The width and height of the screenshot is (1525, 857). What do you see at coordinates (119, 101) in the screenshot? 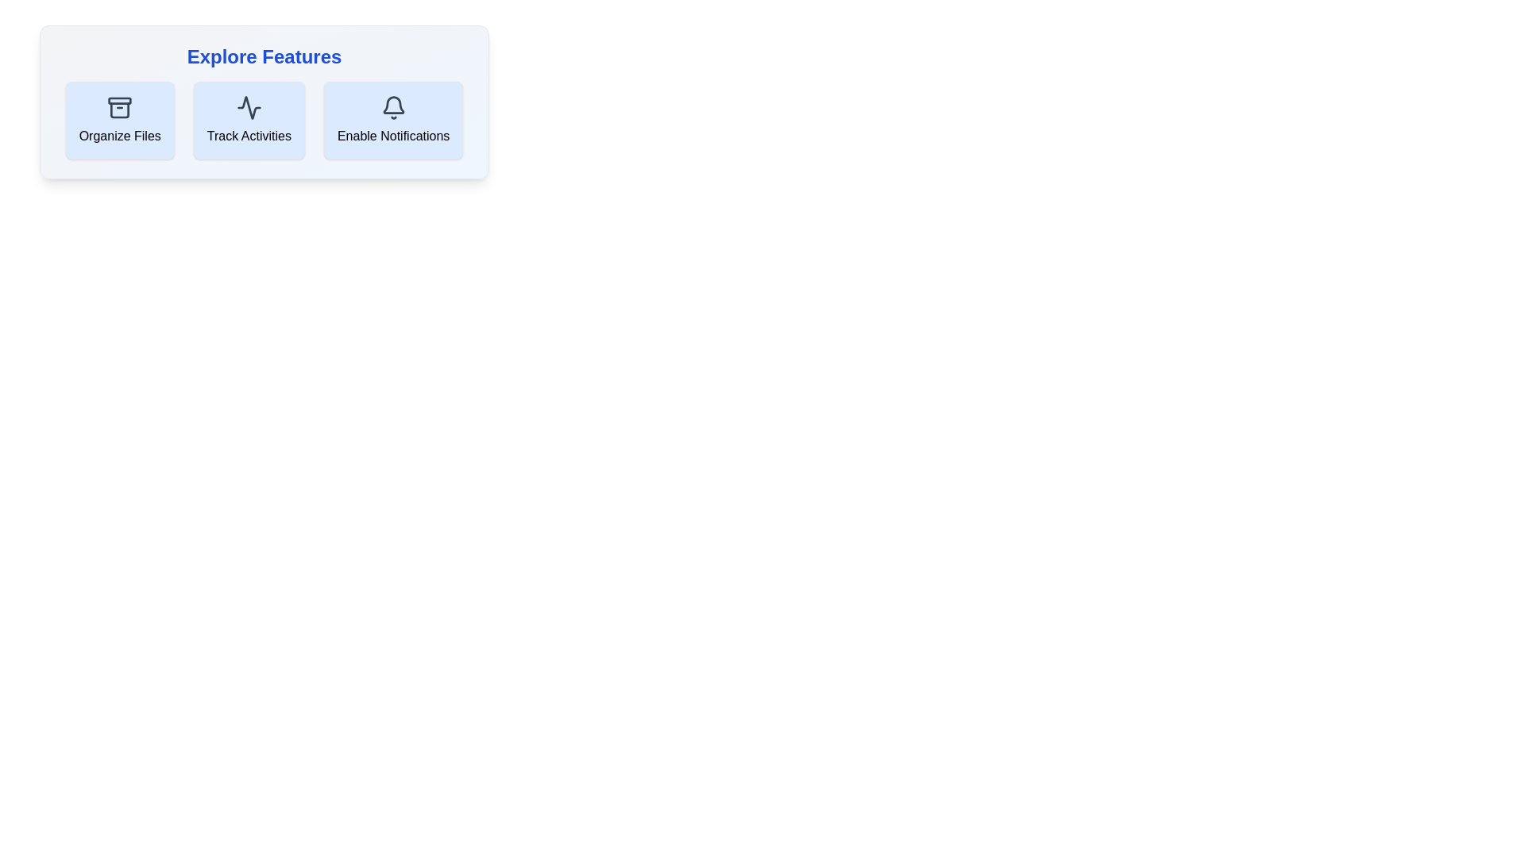
I see `the decorative SVG shape, a rectangular bar with rounded edges, located at the top section of the file storage archive icon` at bounding box center [119, 101].